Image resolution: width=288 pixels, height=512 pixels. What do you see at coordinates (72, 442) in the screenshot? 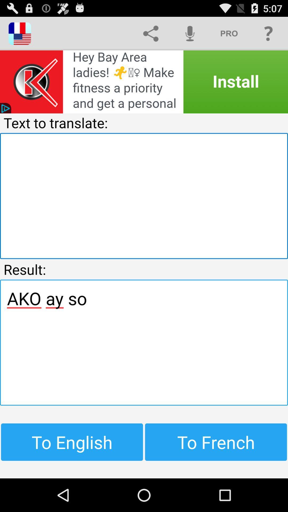
I see `item next to to french icon` at bounding box center [72, 442].